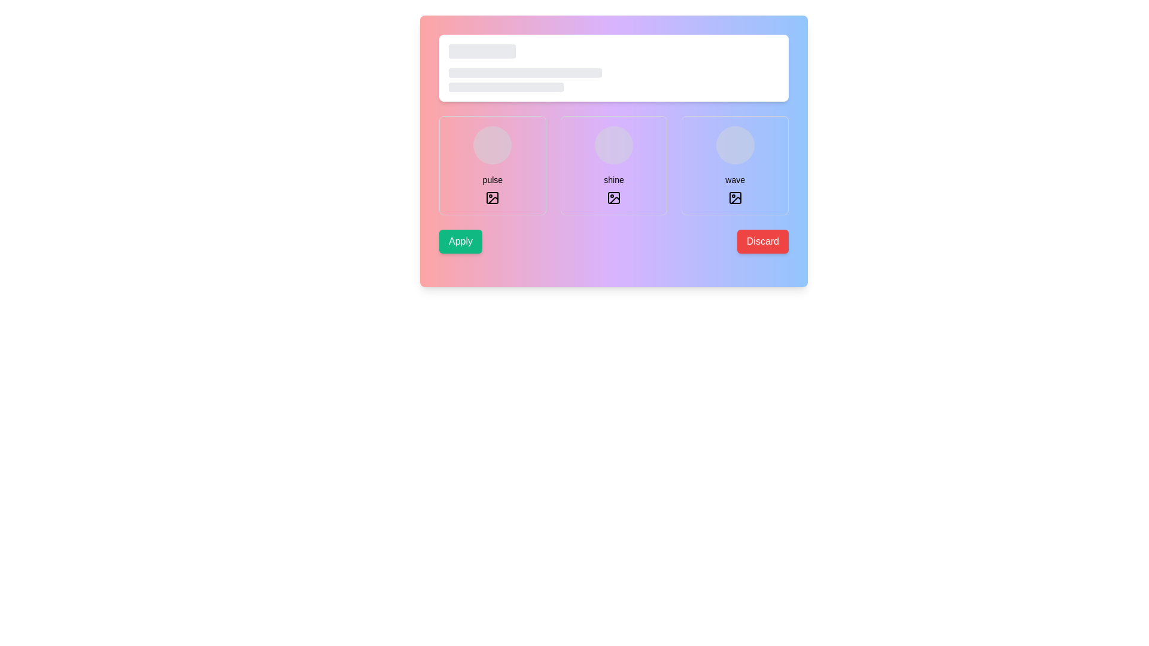 Image resolution: width=1149 pixels, height=646 pixels. What do you see at coordinates (493, 197) in the screenshot?
I see `the first SVG graphic representation depicting an image placeholder or preview, located under the heading 'pulse' in the first column` at bounding box center [493, 197].